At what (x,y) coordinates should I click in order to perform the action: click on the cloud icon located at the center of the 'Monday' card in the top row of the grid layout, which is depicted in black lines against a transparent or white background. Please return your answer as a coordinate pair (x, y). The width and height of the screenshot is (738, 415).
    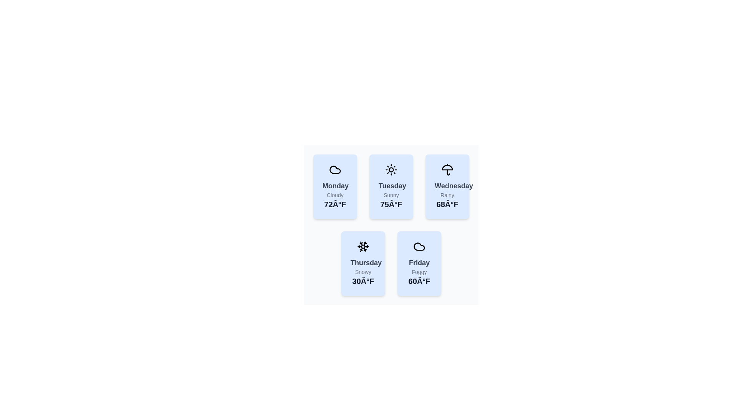
    Looking at the image, I should click on (335, 169).